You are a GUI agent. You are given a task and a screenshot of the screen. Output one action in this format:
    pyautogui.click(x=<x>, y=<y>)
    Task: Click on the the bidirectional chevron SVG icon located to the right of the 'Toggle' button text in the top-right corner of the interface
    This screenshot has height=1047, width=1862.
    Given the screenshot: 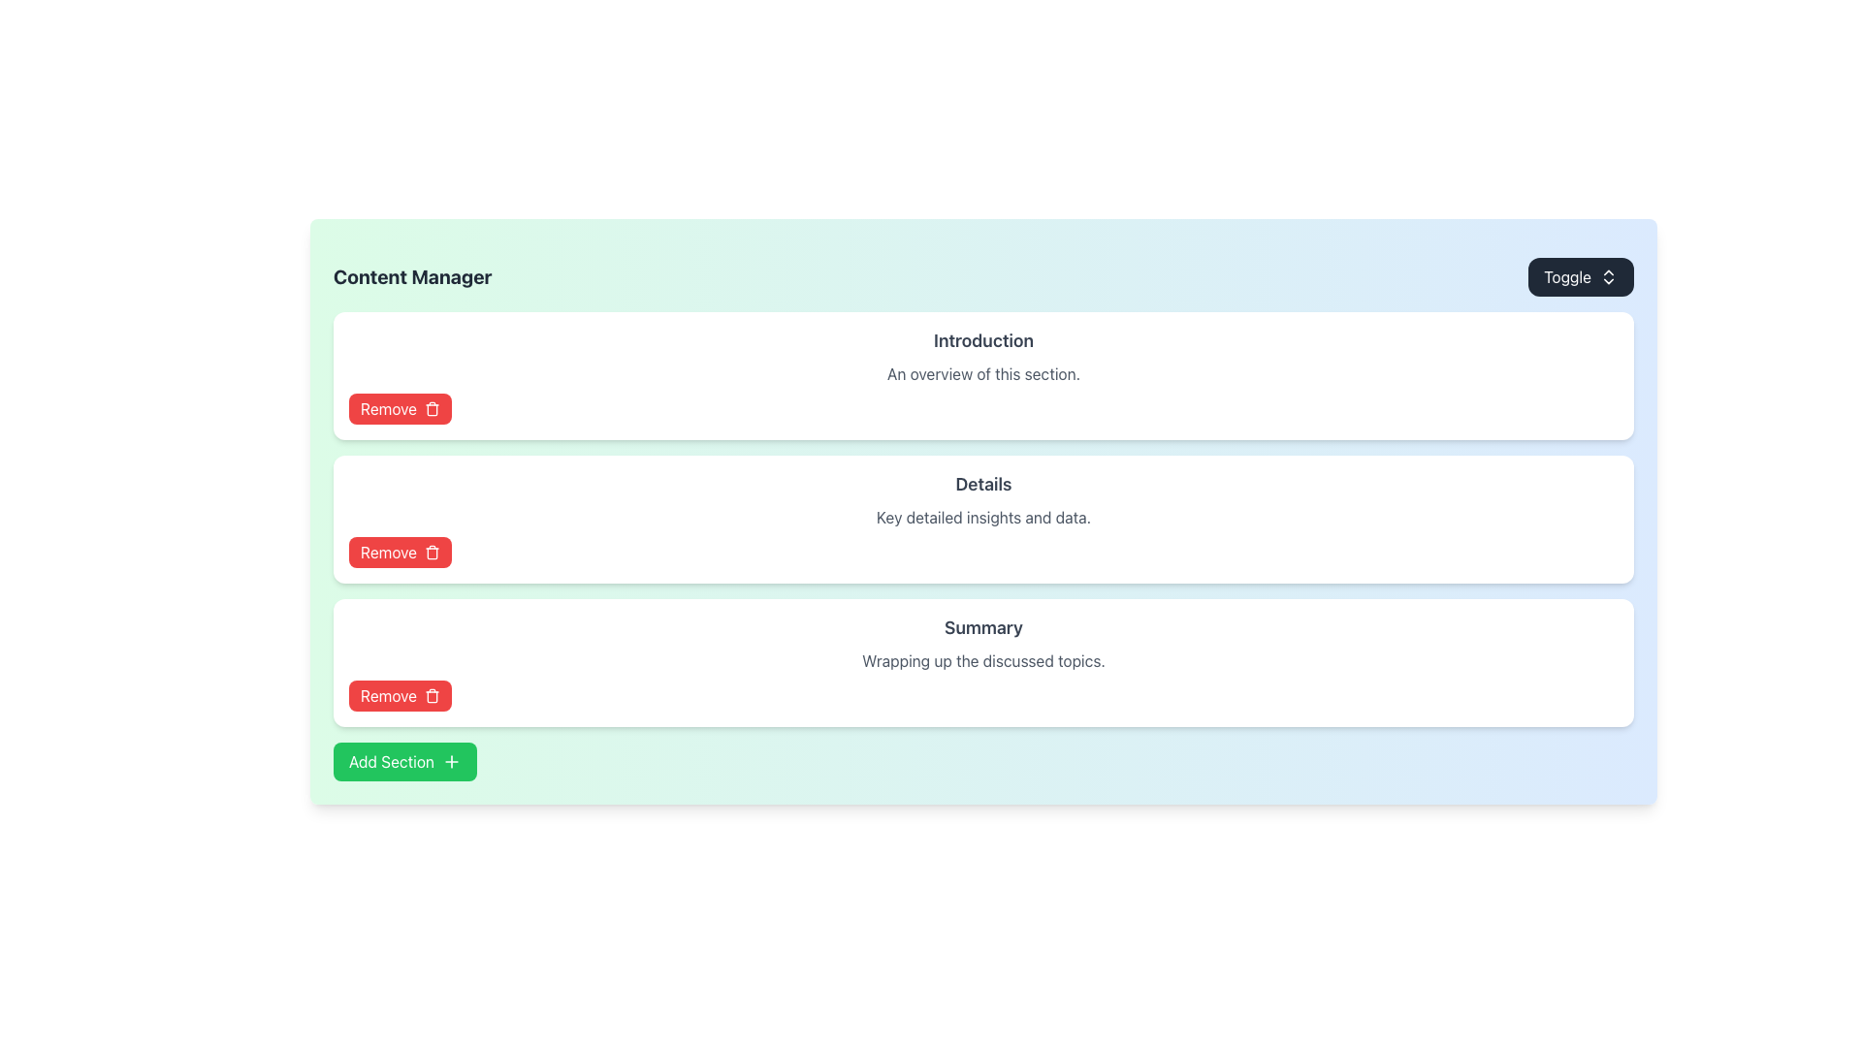 What is the action you would take?
    pyautogui.click(x=1609, y=276)
    